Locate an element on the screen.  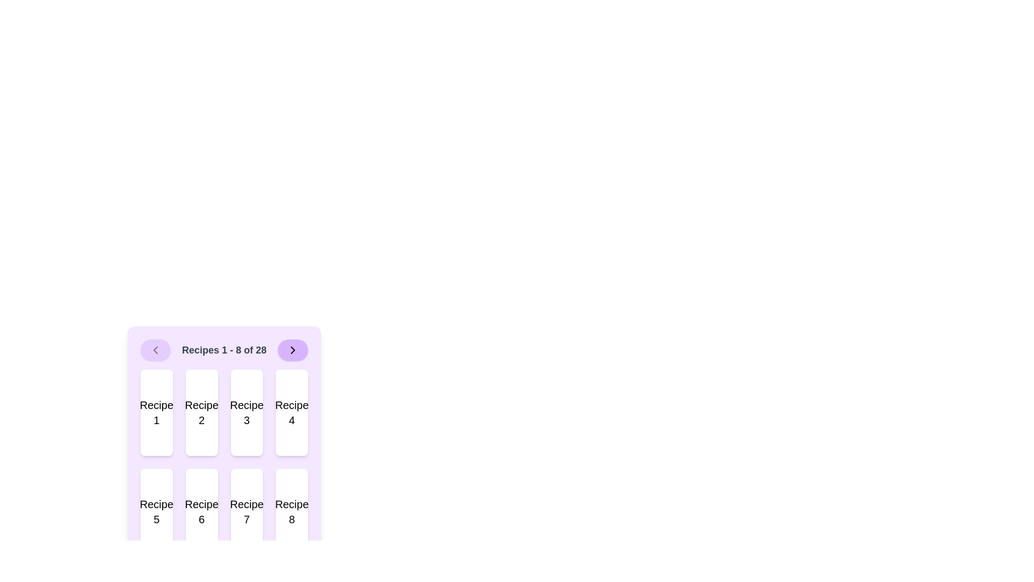
the right-pointing chevron icon located within a purple circular button in the navigation bar at the top of the recipe grid is located at coordinates (292, 350).